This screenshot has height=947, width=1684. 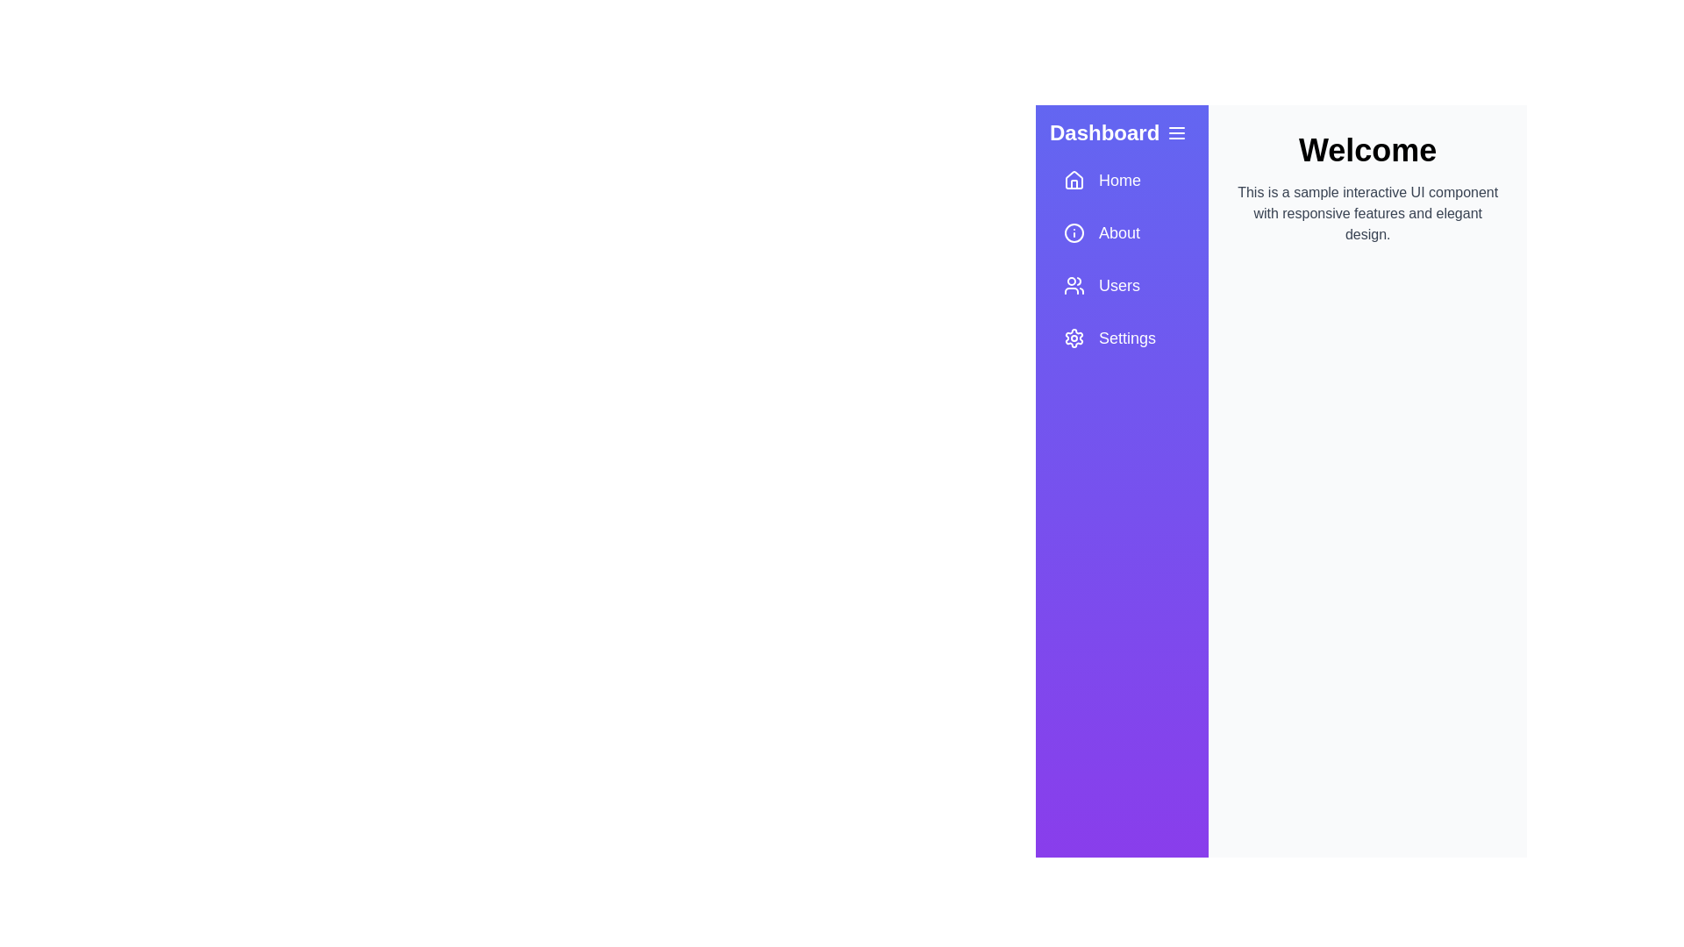 What do you see at coordinates (1121, 232) in the screenshot?
I see `the navigation item About to trigger its action` at bounding box center [1121, 232].